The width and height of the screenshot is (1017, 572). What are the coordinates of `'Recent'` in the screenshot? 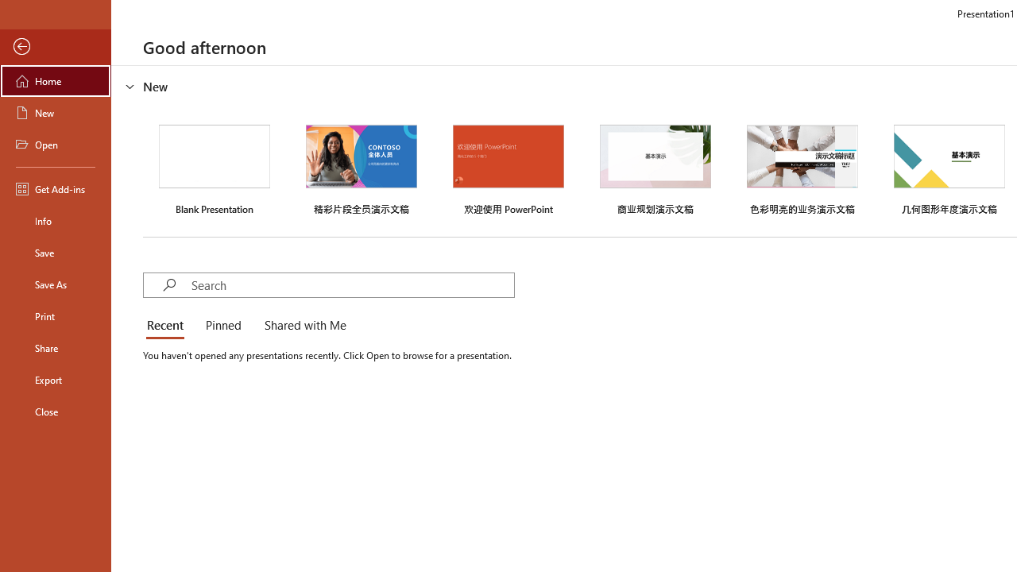 It's located at (168, 326).